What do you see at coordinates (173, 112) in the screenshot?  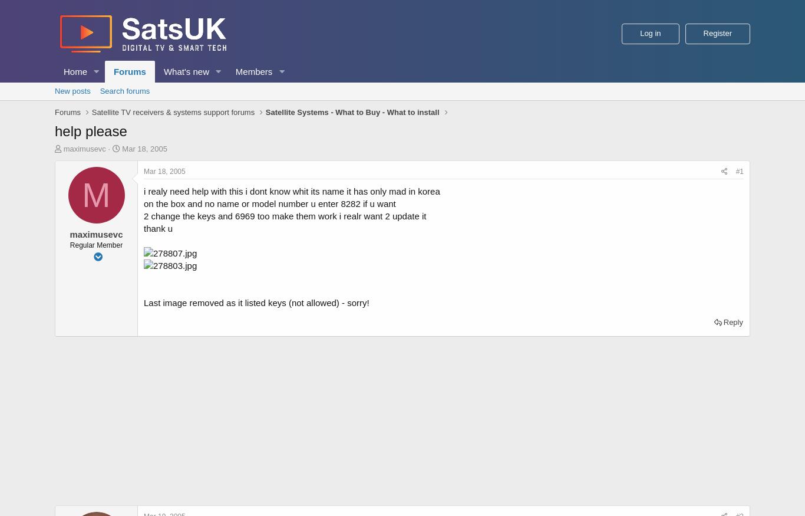 I see `'Satellite TV receivers & systems support forums'` at bounding box center [173, 112].